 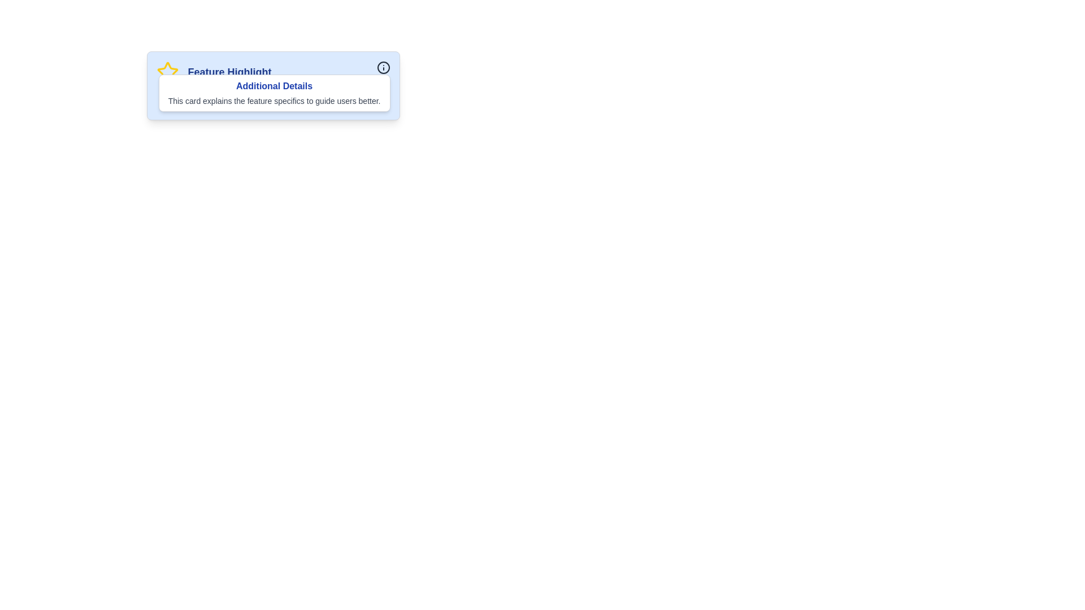 What do you see at coordinates (383, 67) in the screenshot?
I see `the outermost ring of the circular icon group located at the top-right of the 'Feature Highlight' card, which serves a decorative or symbolic purpose` at bounding box center [383, 67].